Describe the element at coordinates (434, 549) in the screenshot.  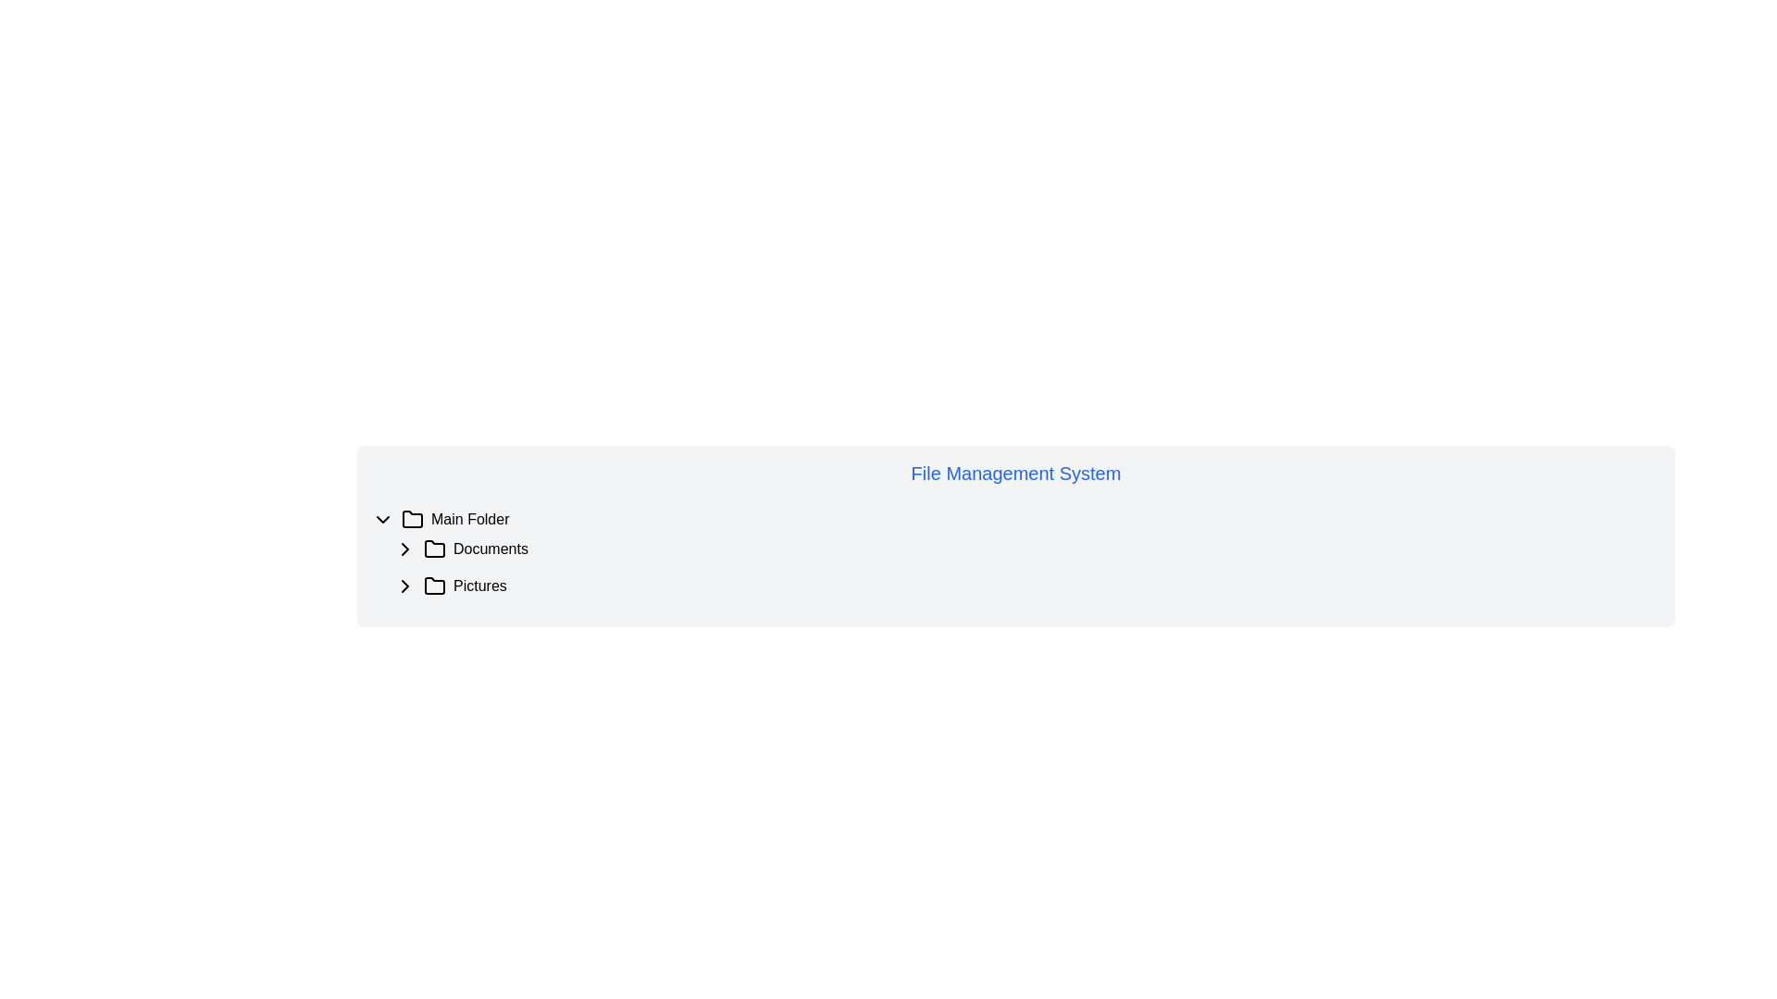
I see `the SVG icon representing a folder, which is positioned to the left of the 'Documents' label in the file management system's hierarchical list` at that location.